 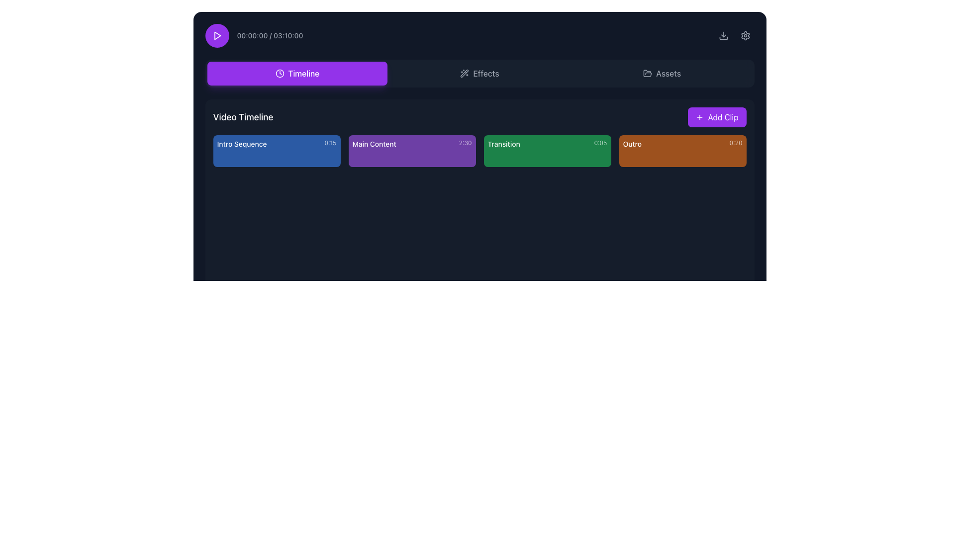 I want to click on the text label displaying '0:15' in white semi-transparent text on a blue background, located at the top-right of the 'Intro Sequence' card in the 'Video Timeline' section, so click(x=330, y=143).